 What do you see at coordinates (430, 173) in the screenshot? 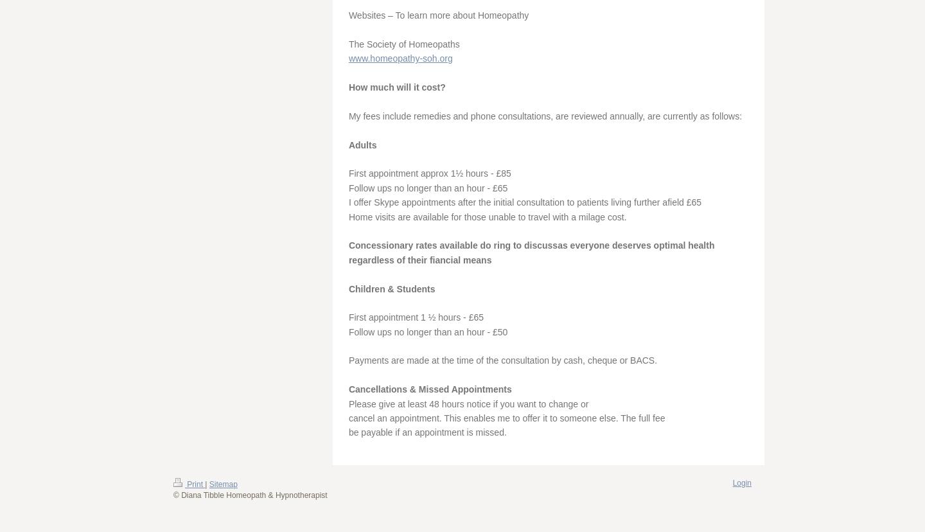
I see `'First appointment approx 1½ hours - £85'` at bounding box center [430, 173].